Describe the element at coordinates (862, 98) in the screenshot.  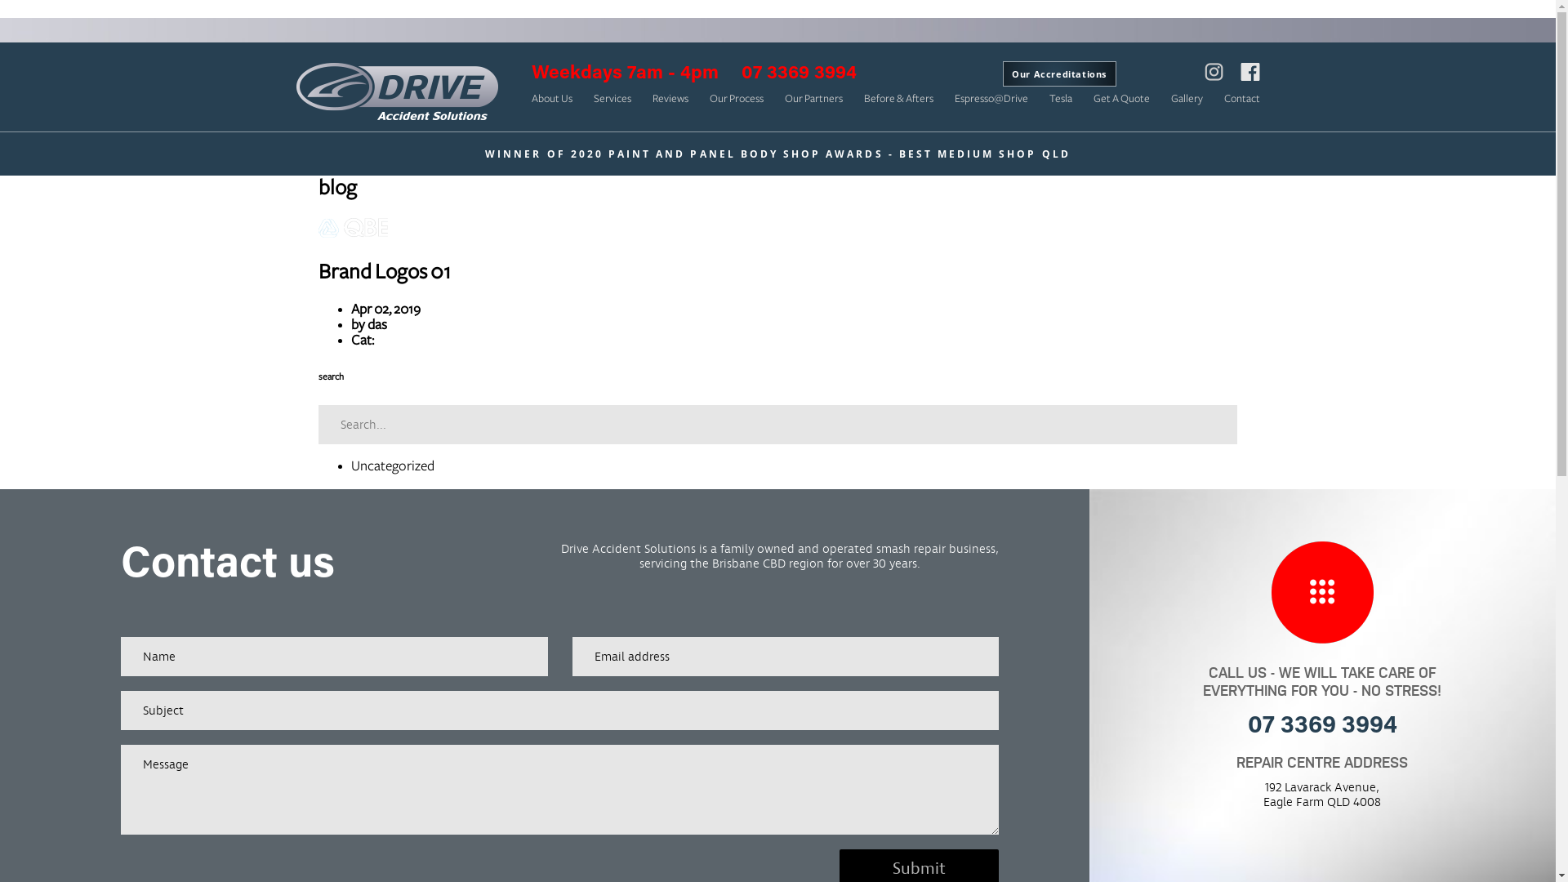
I see `'Before & Afters'` at that location.